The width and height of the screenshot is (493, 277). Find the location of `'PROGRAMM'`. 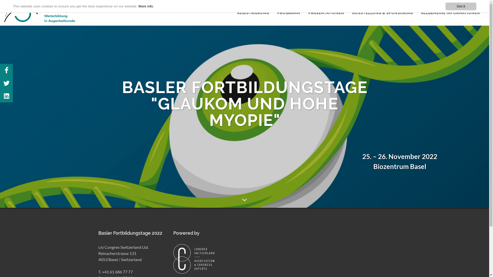

'PROGRAMM' is located at coordinates (289, 13).